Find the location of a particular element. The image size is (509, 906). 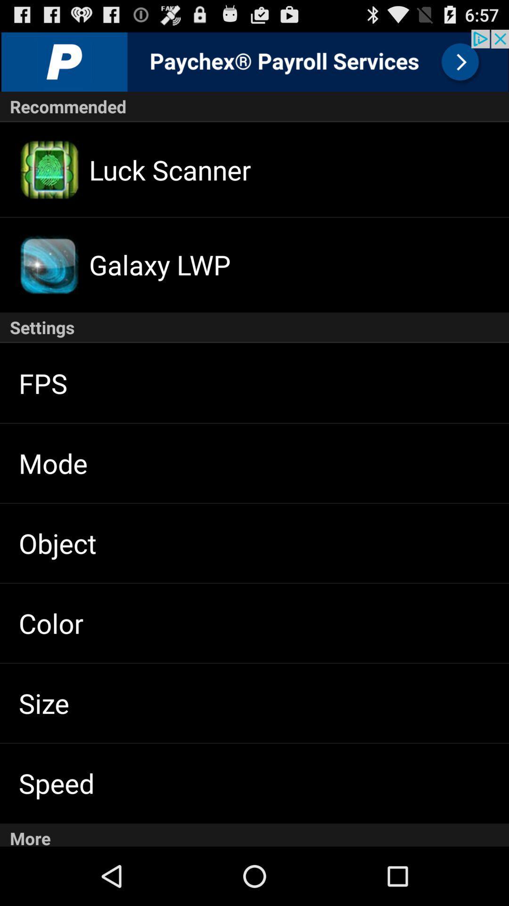

advertisement button is located at coordinates (254, 60).